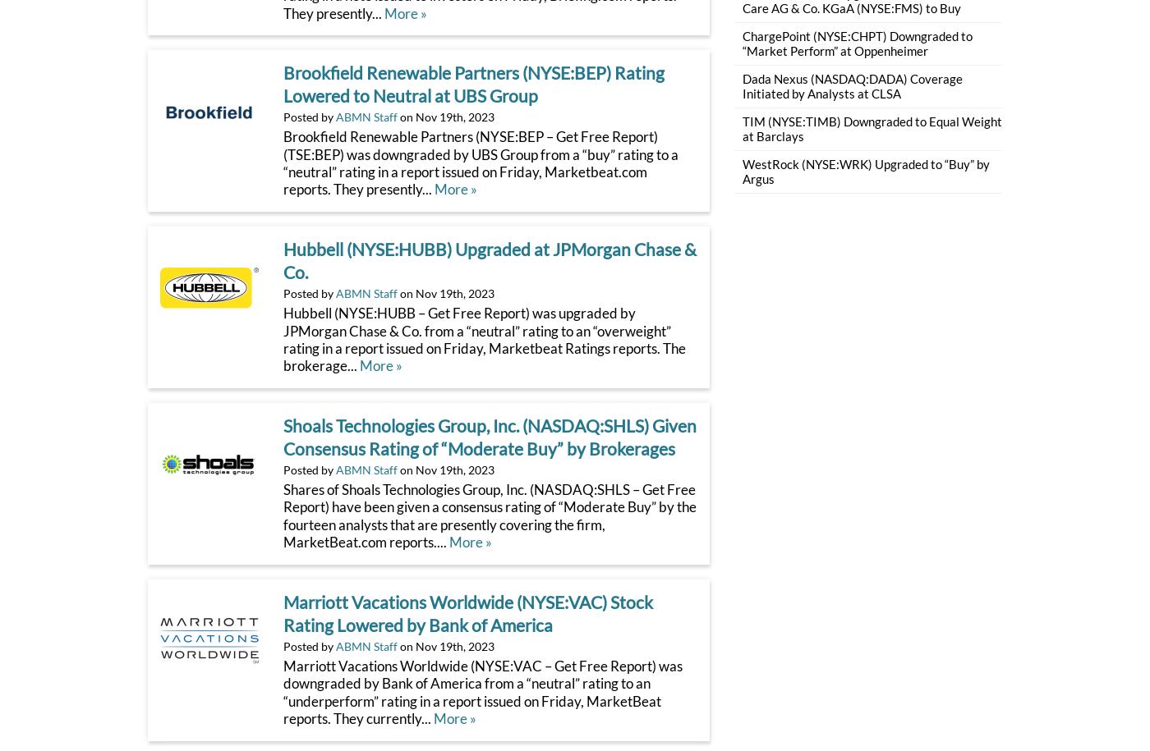  Describe the element at coordinates (483, 692) in the screenshot. I see `'Marriott Vacations Worldwide (NYSE:VAC – Get Free Report) was downgraded by Bank of America from a “neutral” rating to an “underperform” rating in a report issued on Friday, MarketBeat reports. They currently...'` at that location.